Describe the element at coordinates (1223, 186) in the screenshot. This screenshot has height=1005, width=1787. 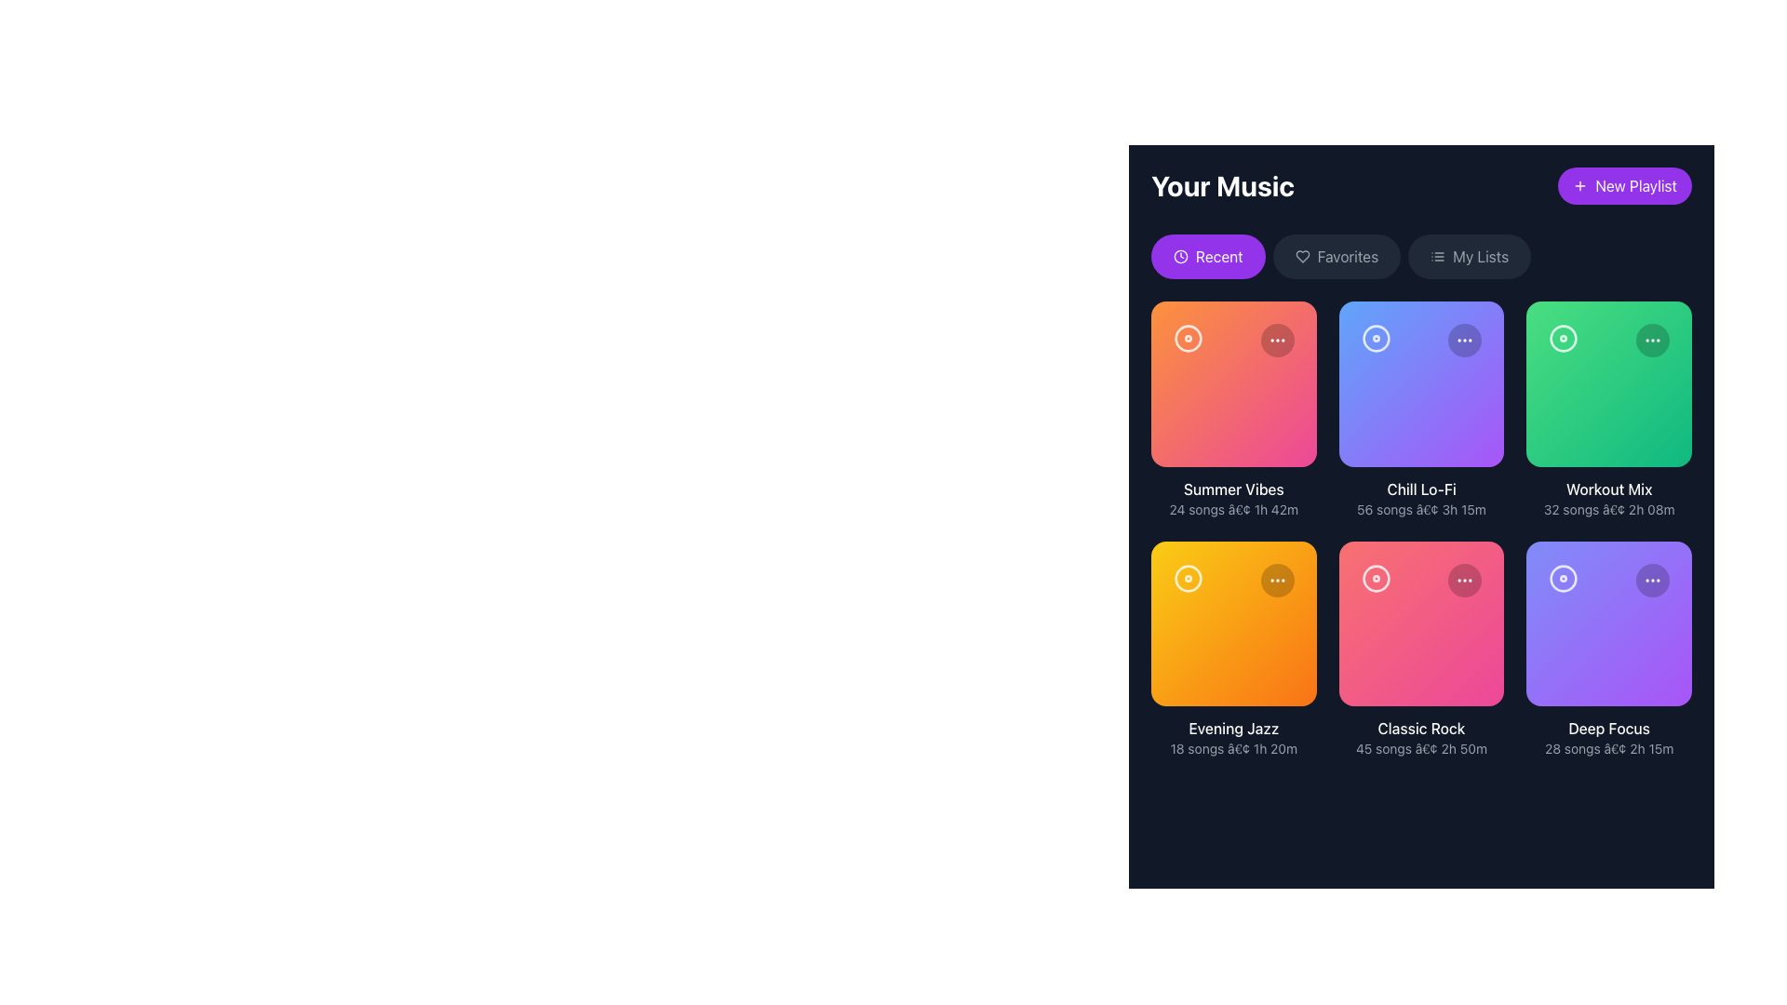
I see `the text label that serves as a header or title for the section, located near the top-left corner before the 'New Playlist' button and an icon` at that location.